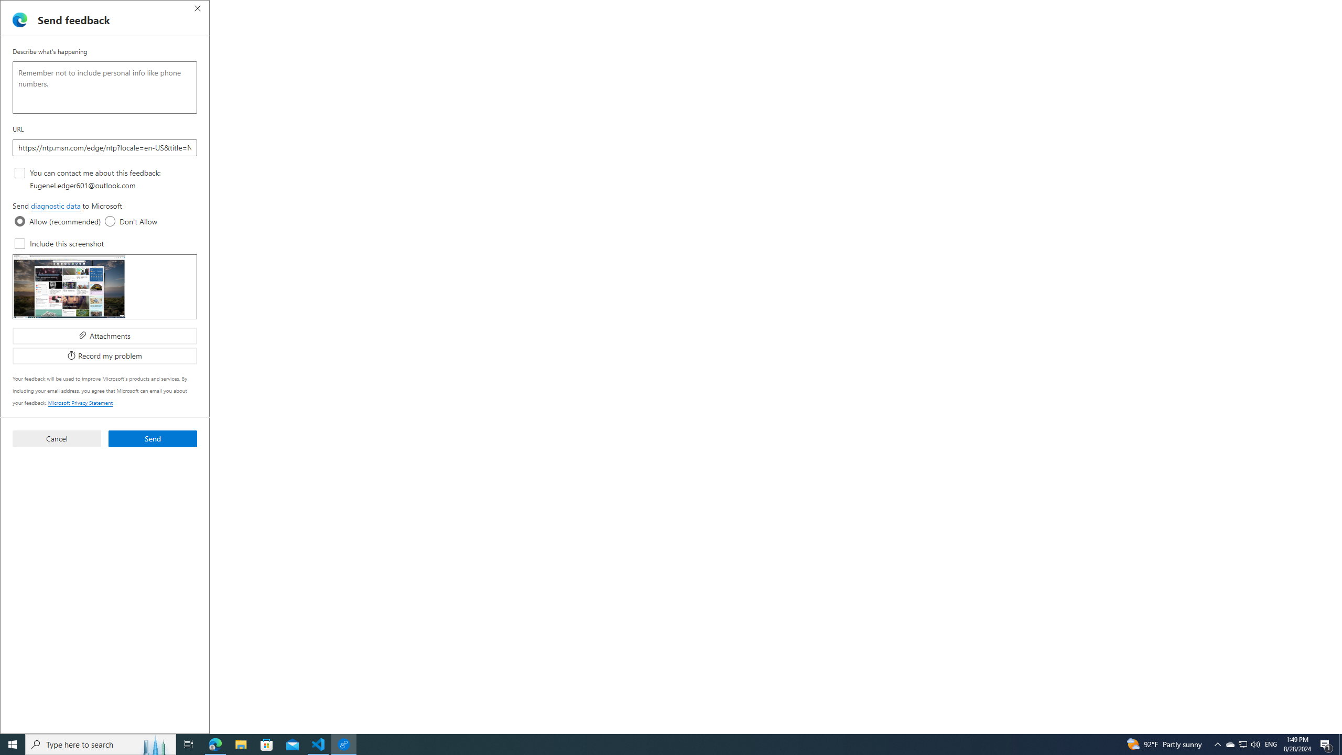  Describe the element at coordinates (104, 87) in the screenshot. I see `'Describe what'` at that location.